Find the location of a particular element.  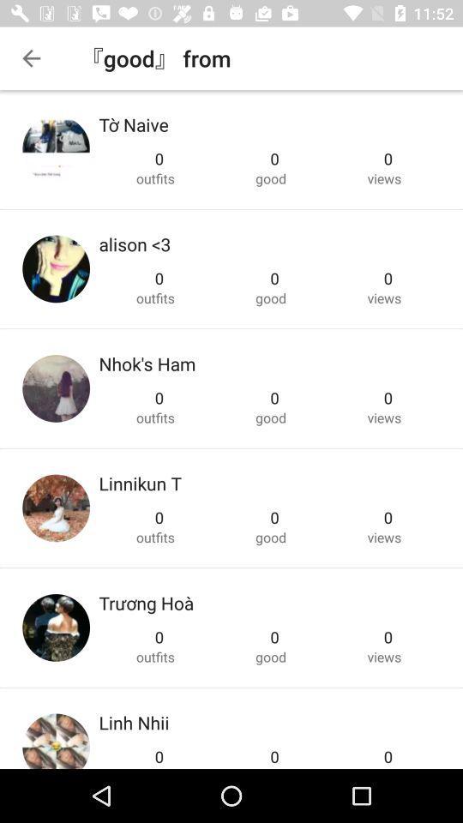

the icon below the outfits item is located at coordinates (133, 721).